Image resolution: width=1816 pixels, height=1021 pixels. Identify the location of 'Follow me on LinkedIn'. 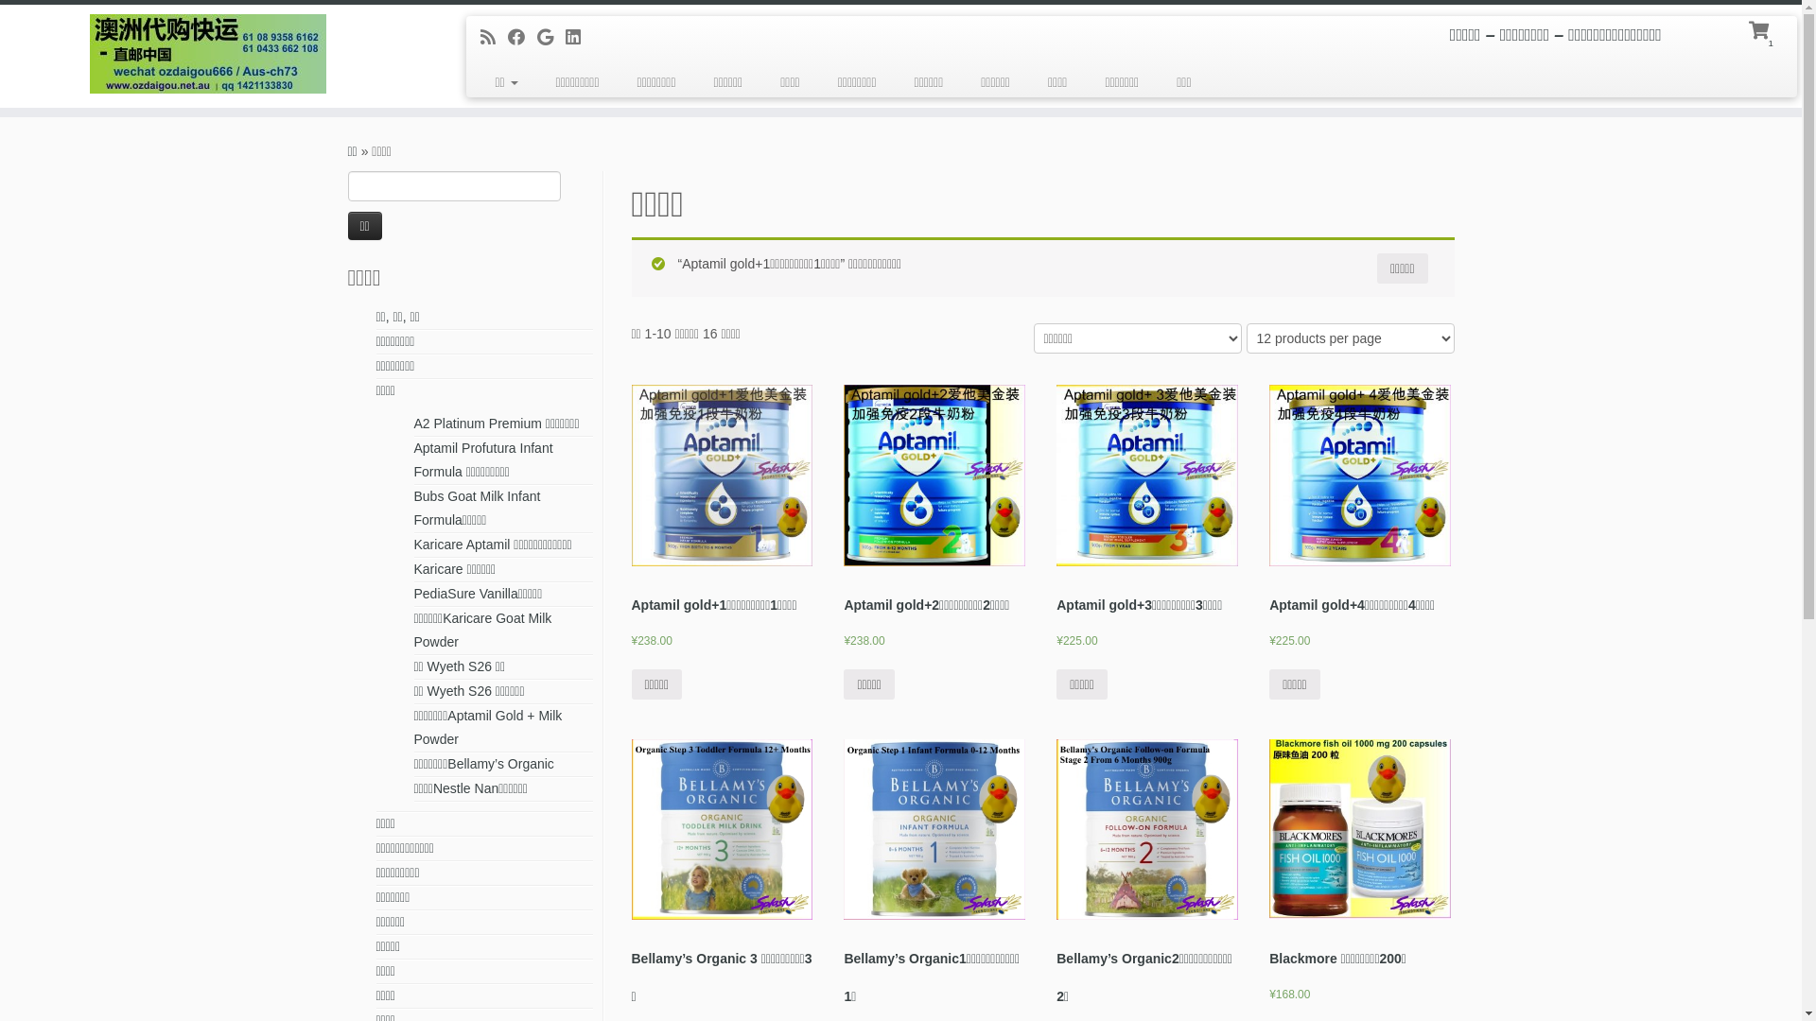
(578, 37).